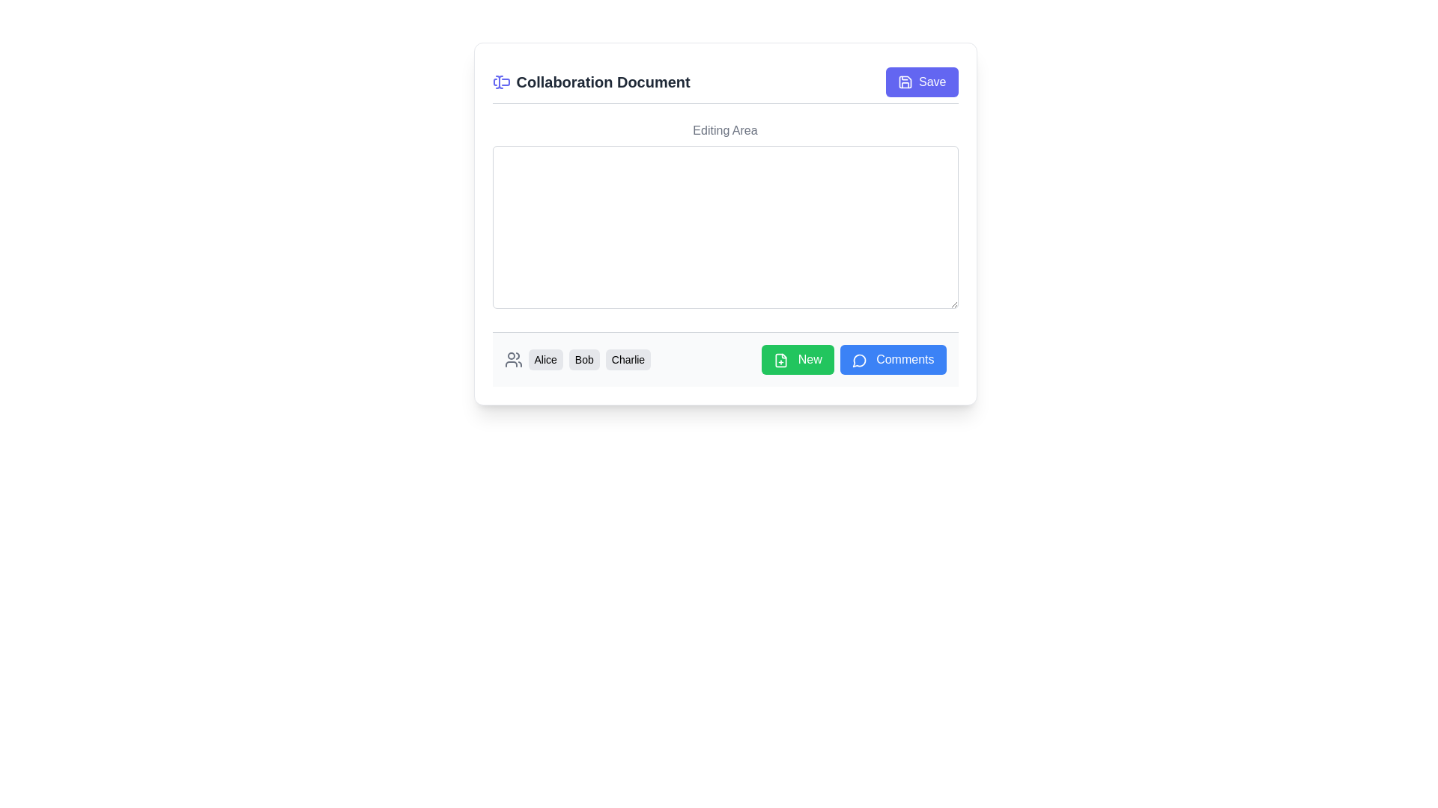  I want to click on the Label element displaying 'Bob', which is the second item in a horizontal list of names, positioned above action buttons in the bottom left section of the interface, so click(583, 360).